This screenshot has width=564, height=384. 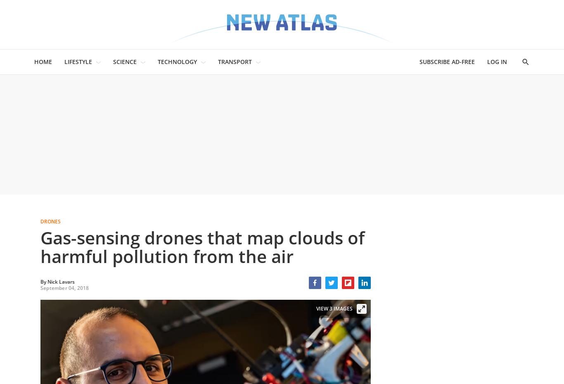 I want to click on 'Drones', so click(x=50, y=221).